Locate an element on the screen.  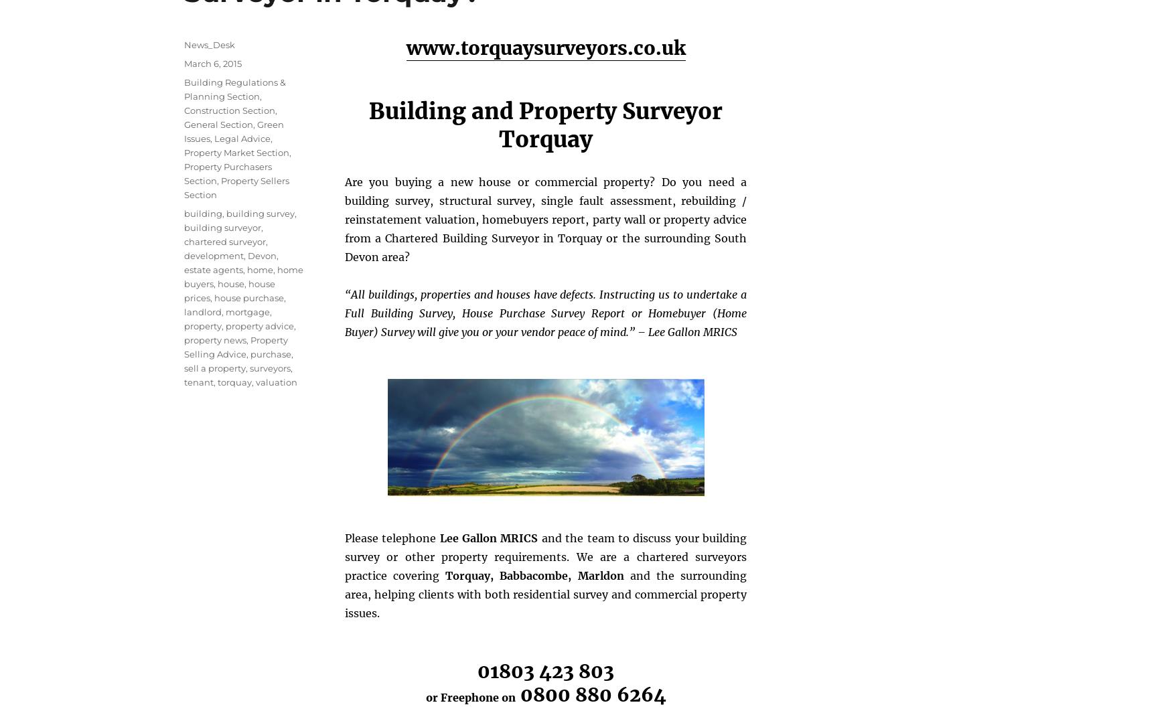
'March 6, 2015' is located at coordinates (212, 63).